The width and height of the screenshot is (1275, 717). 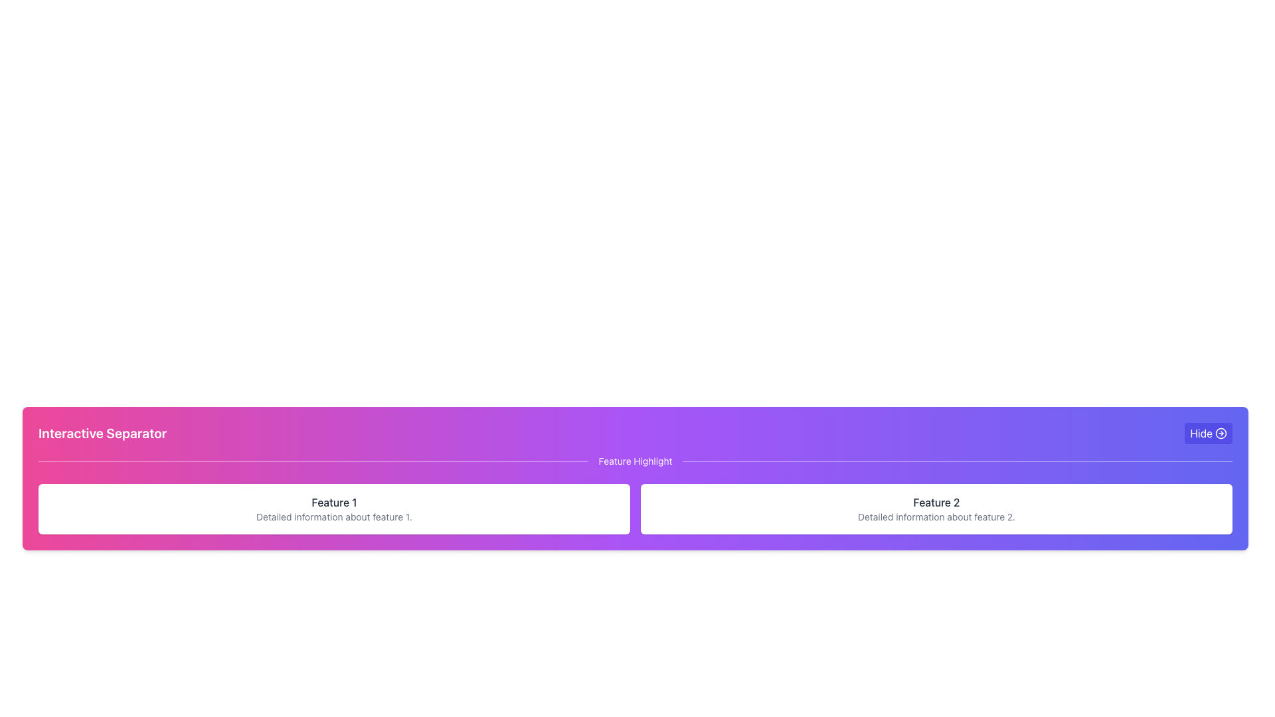 What do you see at coordinates (634, 509) in the screenshot?
I see `Grid Layout element that displays two features, positioned centrally below the 'Feature Highlight' title and above a colorful gradient background` at bounding box center [634, 509].